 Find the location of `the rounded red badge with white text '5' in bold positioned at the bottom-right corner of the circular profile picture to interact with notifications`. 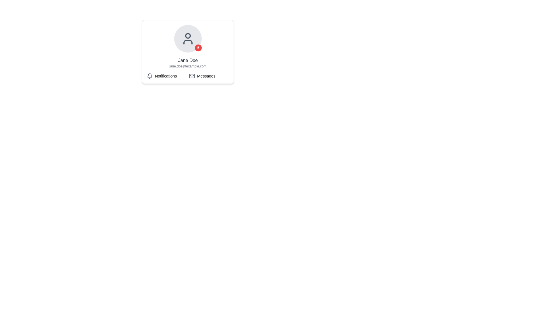

the rounded red badge with white text '5' in bold positioned at the bottom-right corner of the circular profile picture to interact with notifications is located at coordinates (198, 47).